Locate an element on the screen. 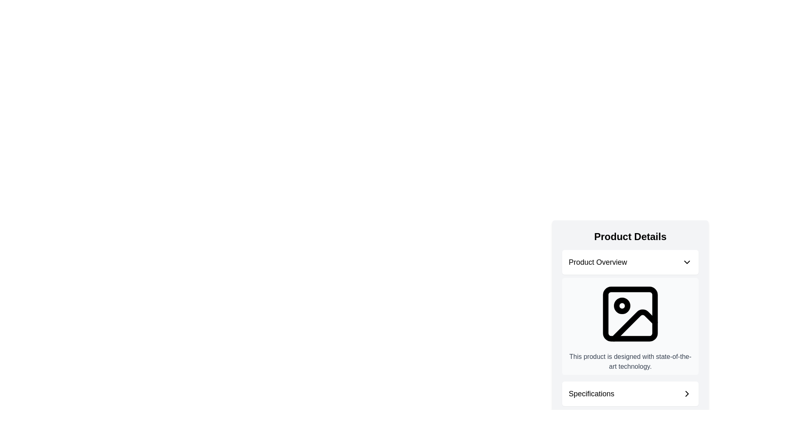 The width and height of the screenshot is (789, 444). the Informational Section containing an image icon and description stating 'This product is designed with state-of-the-art technology.' is located at coordinates (630, 344).